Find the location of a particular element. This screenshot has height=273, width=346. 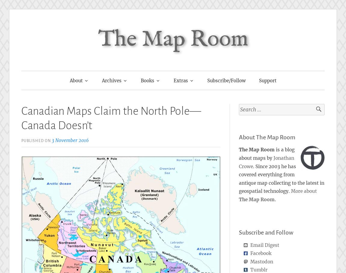

'Published on' is located at coordinates (36, 141).